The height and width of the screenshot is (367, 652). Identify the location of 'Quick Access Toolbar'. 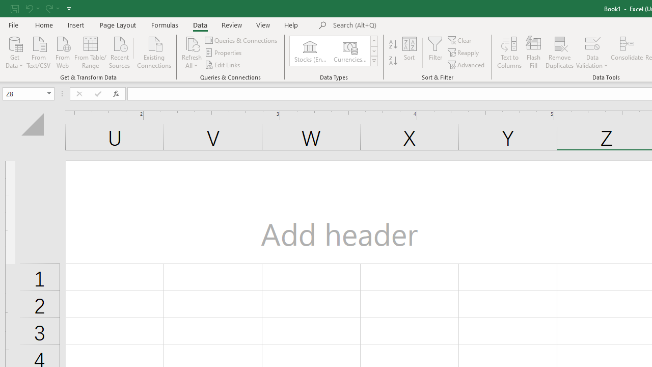
(41, 8).